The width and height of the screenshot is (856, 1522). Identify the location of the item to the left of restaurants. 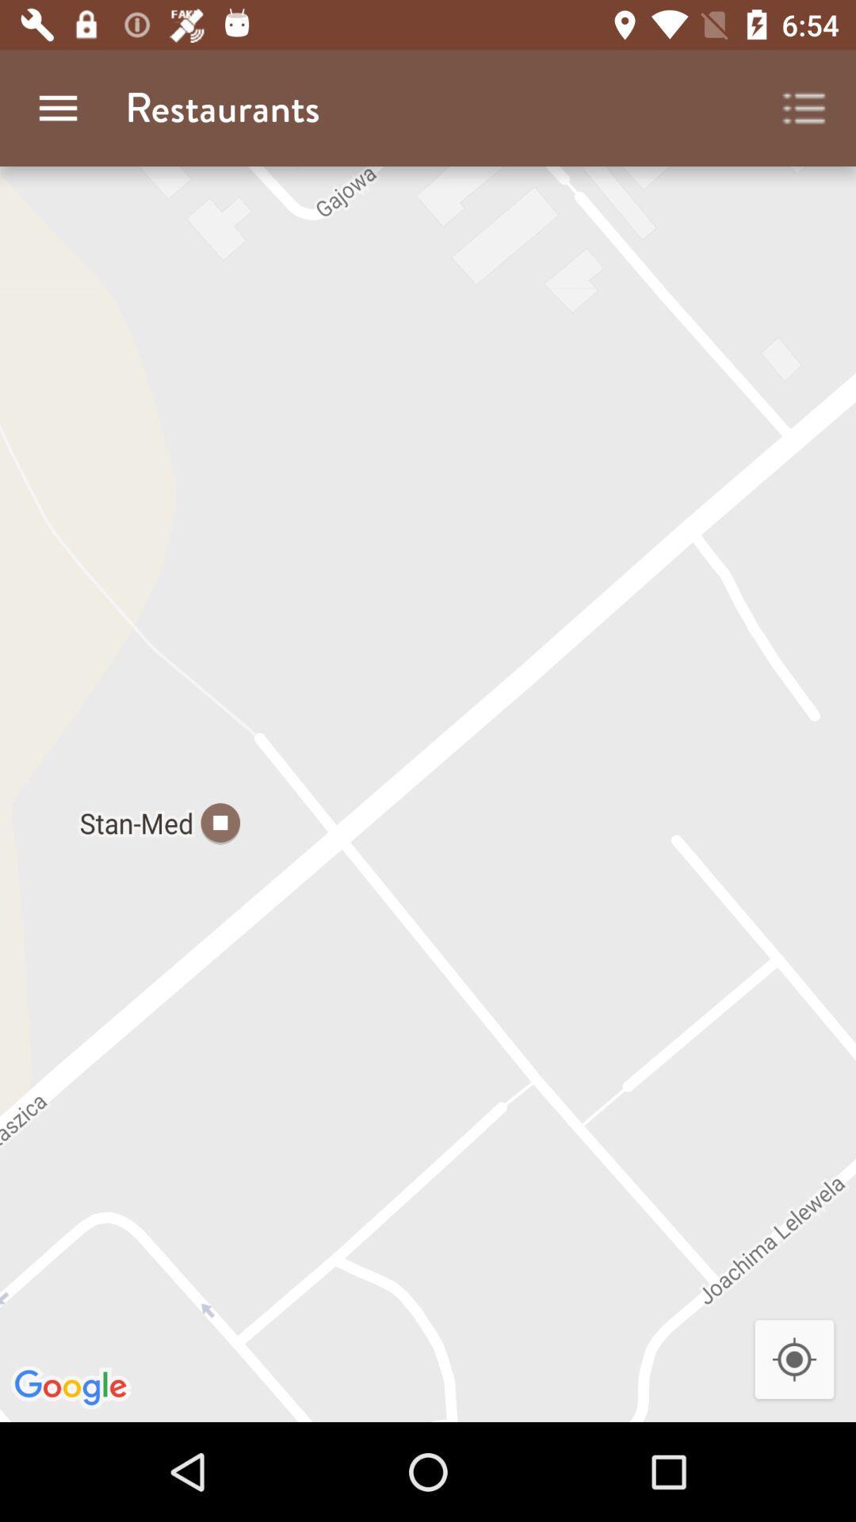
(57, 107).